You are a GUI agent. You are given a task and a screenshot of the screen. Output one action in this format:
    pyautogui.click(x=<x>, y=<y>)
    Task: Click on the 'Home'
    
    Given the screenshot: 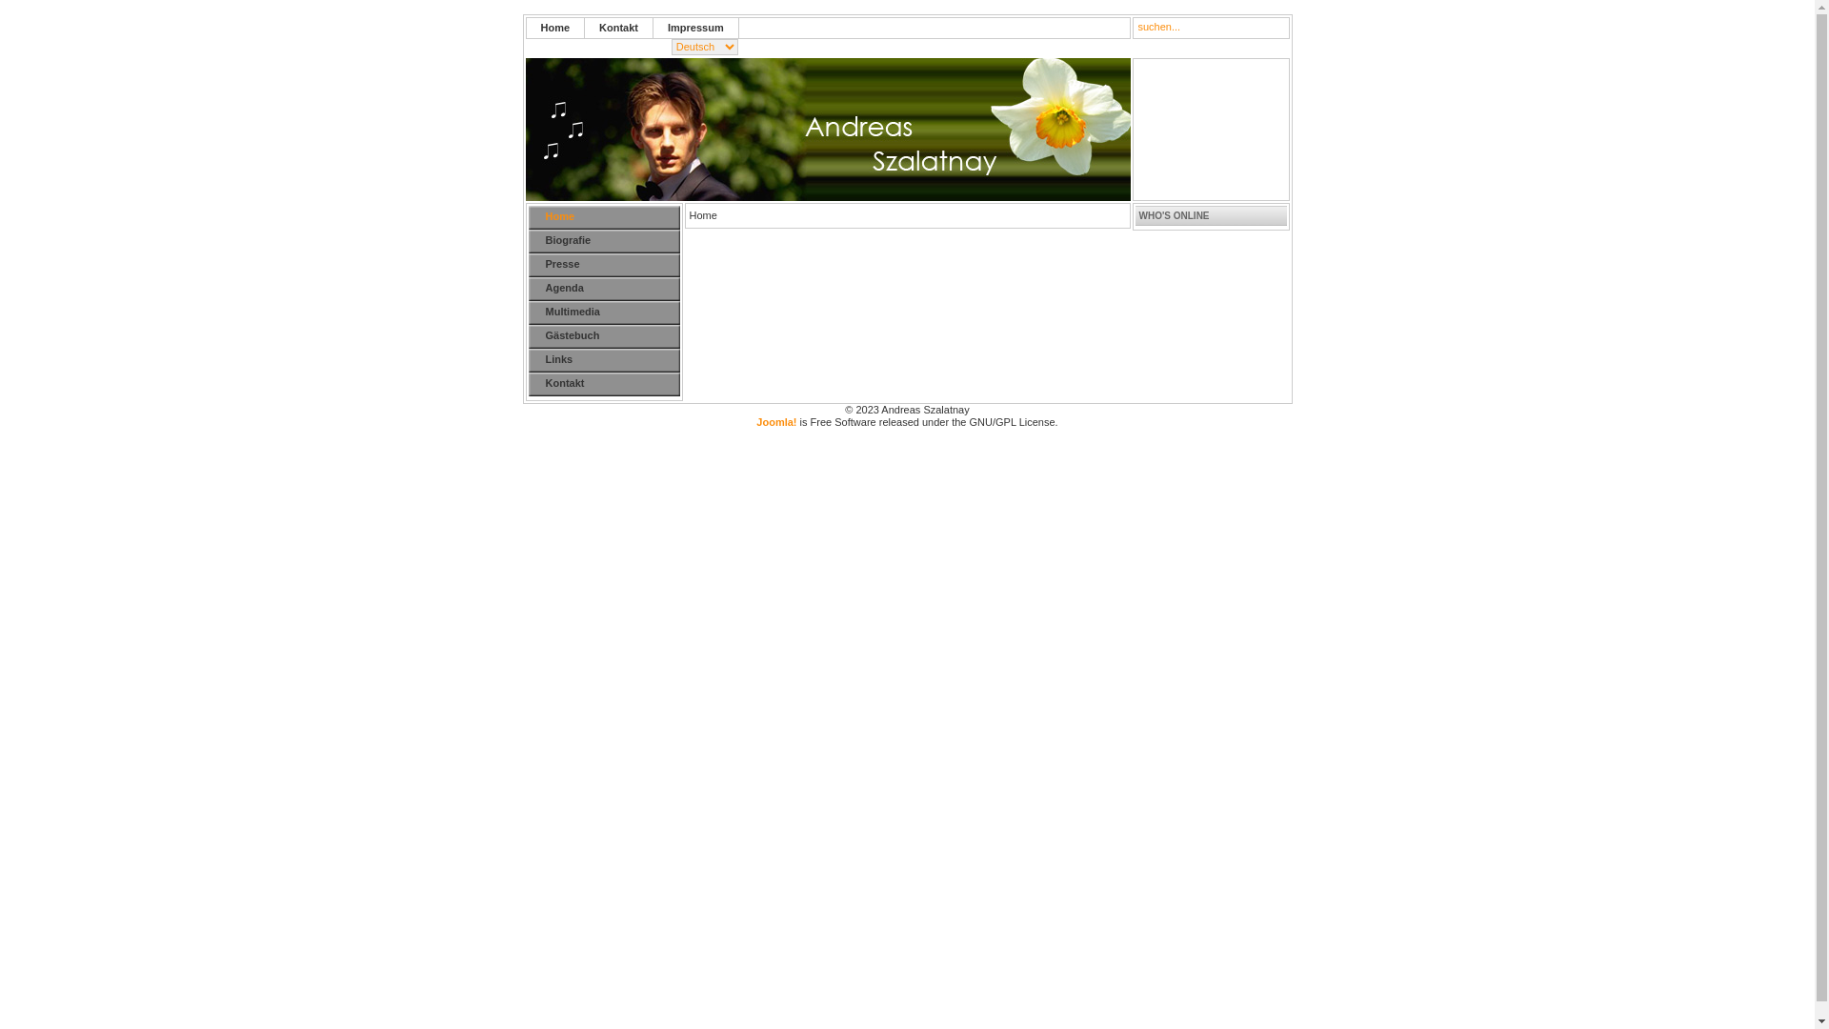 What is the action you would take?
    pyautogui.click(x=612, y=216)
    